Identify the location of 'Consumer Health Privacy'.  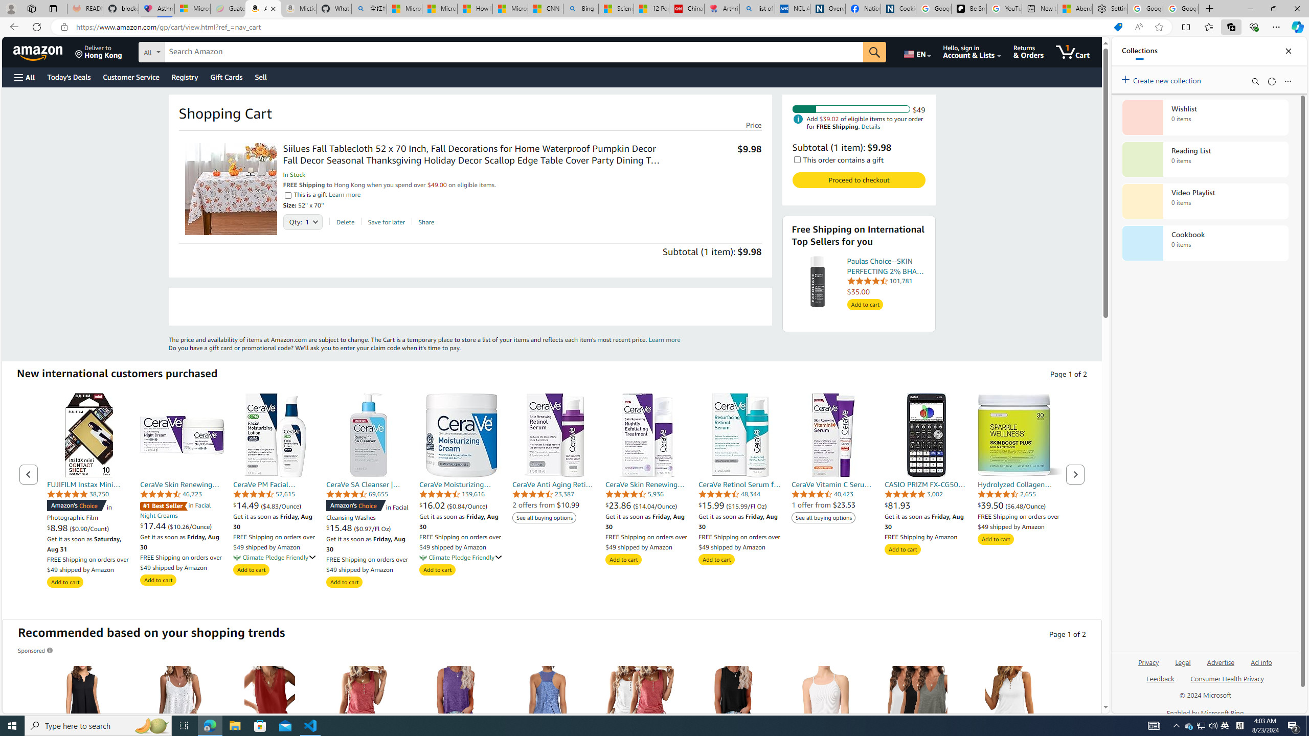
(1227, 682).